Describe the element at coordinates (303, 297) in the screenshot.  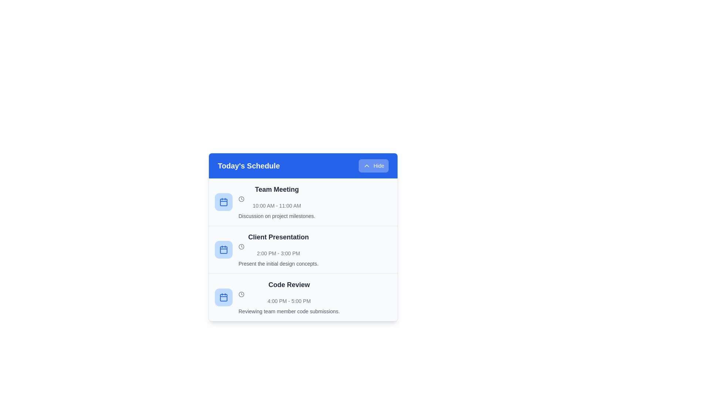
I see `the schedule card for the team review meeting located in the 'Today's Schedule' section` at that location.